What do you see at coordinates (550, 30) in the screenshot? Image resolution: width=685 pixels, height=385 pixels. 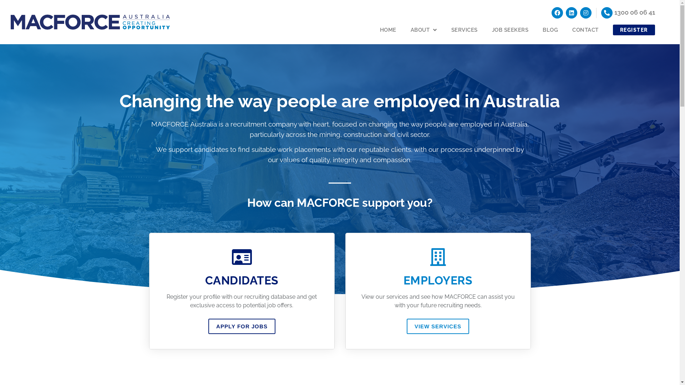 I see `'BLOG'` at bounding box center [550, 30].